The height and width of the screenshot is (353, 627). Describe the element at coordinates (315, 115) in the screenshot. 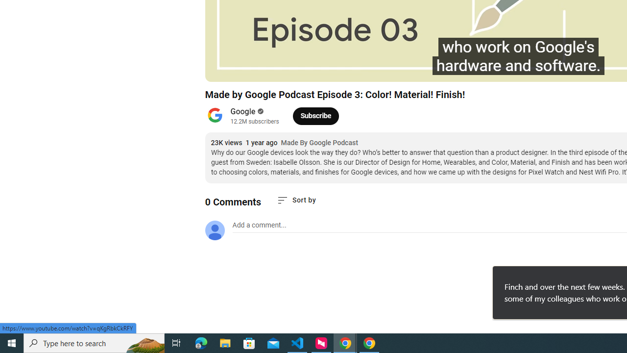

I see `'Subscribe to Google.'` at that location.